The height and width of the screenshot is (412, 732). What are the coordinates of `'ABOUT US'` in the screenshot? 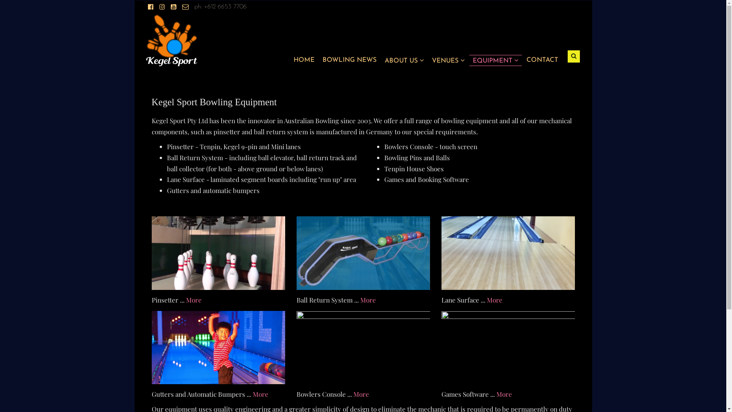 It's located at (403, 60).